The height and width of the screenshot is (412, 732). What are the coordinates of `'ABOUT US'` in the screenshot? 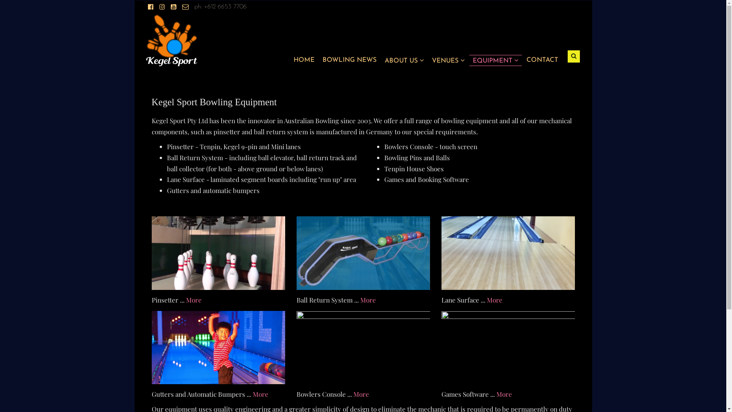 It's located at (403, 60).